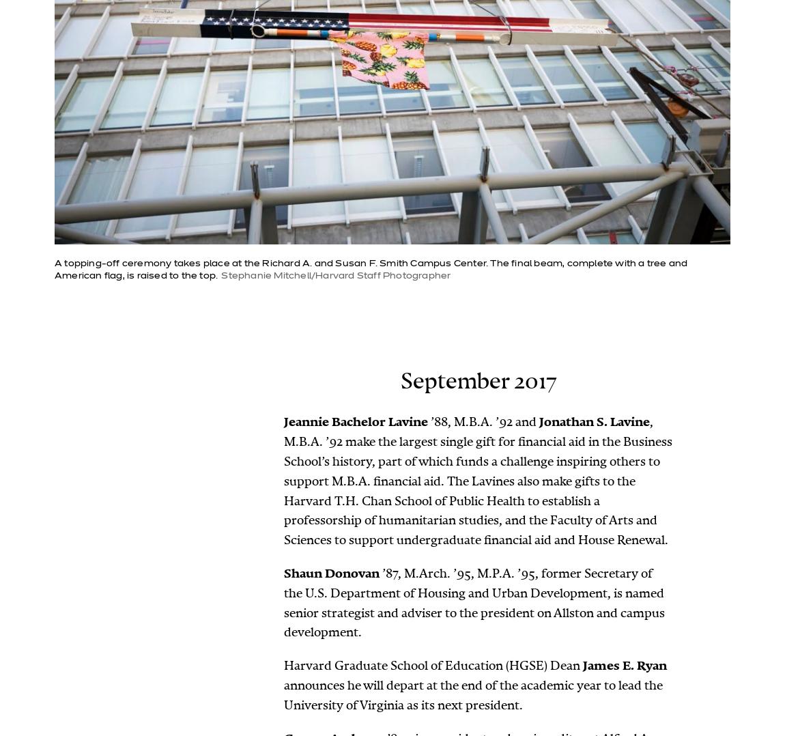 Image resolution: width=785 pixels, height=736 pixels. Describe the element at coordinates (220, 275) in the screenshot. I see `'Stephanie Mitchell/Harvard Staff Photographer'` at that location.